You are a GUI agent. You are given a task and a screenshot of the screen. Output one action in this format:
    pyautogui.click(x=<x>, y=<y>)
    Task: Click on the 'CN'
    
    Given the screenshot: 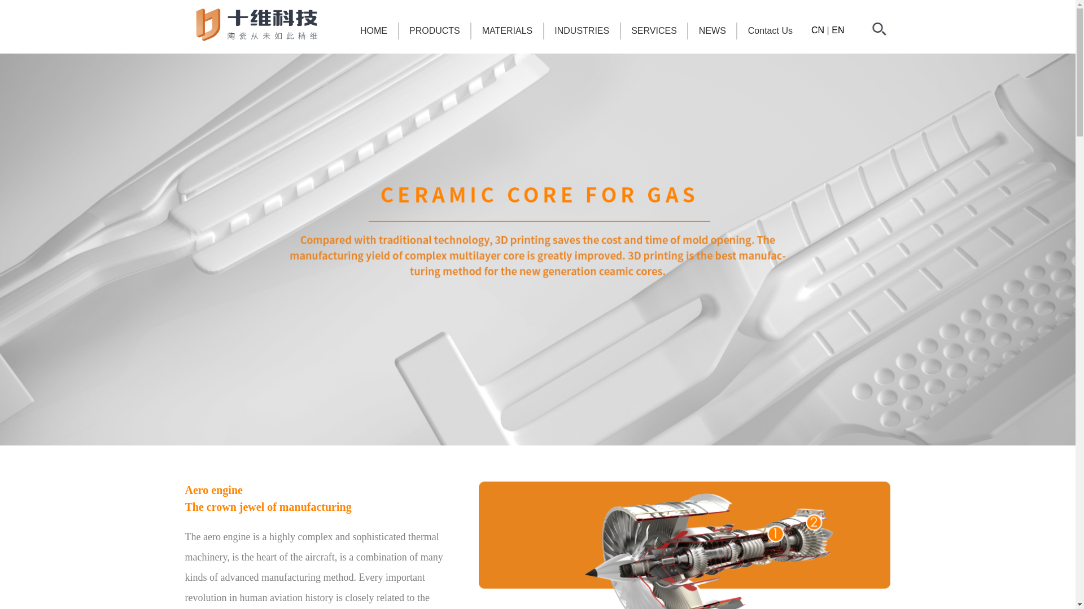 What is the action you would take?
    pyautogui.click(x=818, y=29)
    